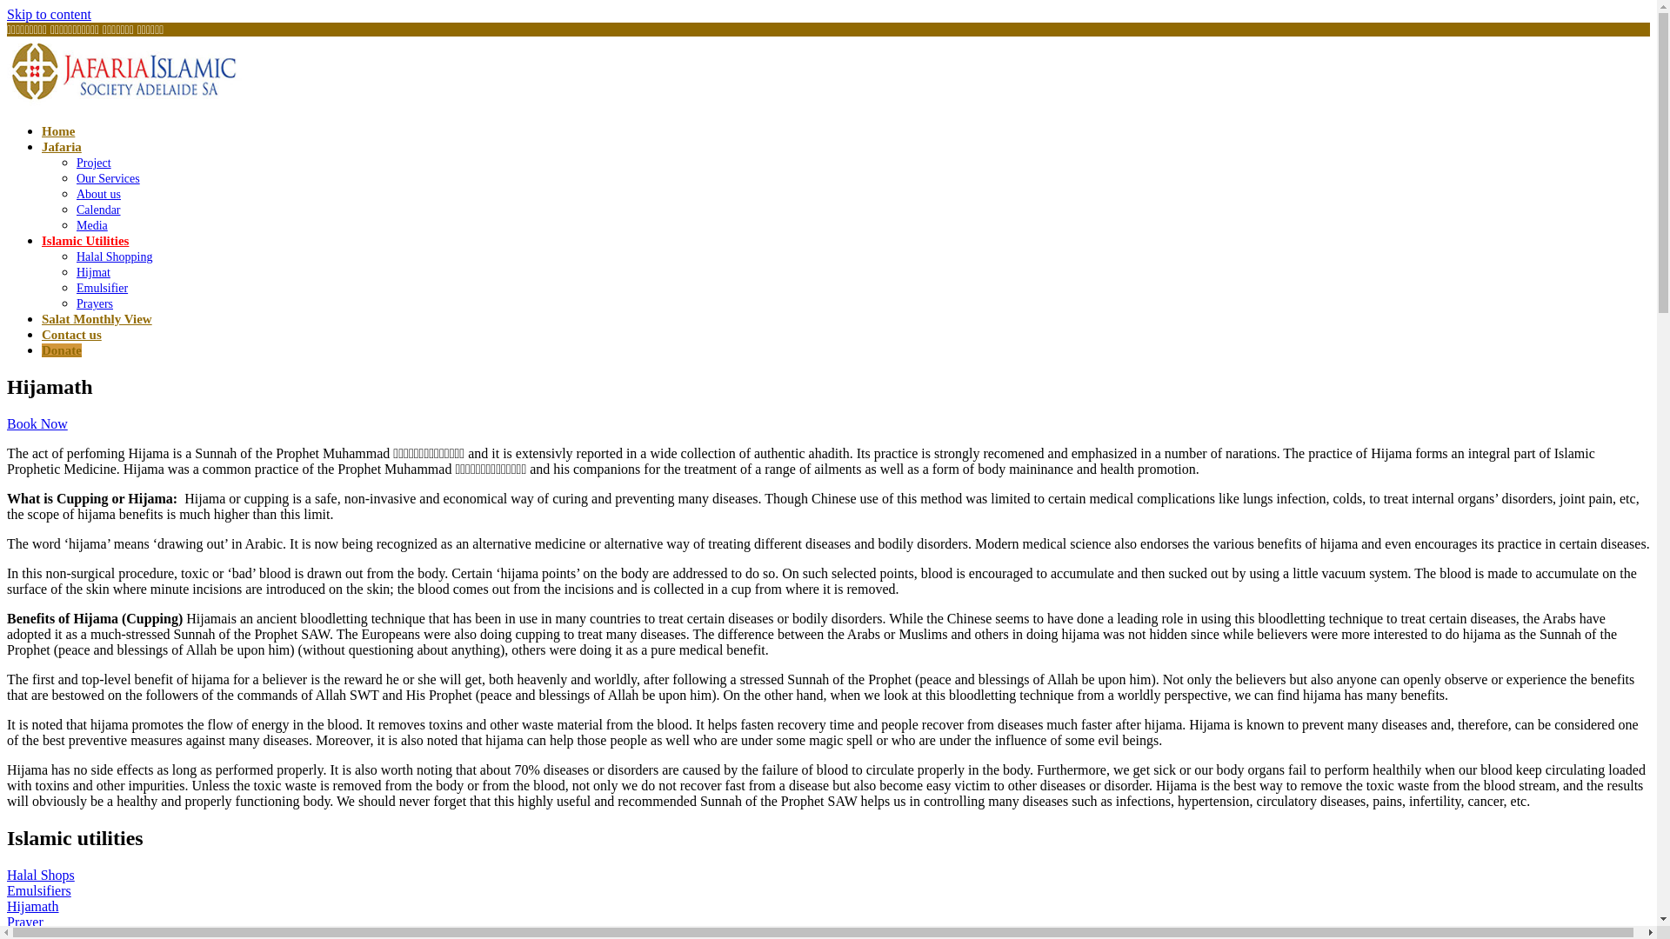 This screenshot has height=939, width=1670. I want to click on 'Contact us', so click(42, 335).